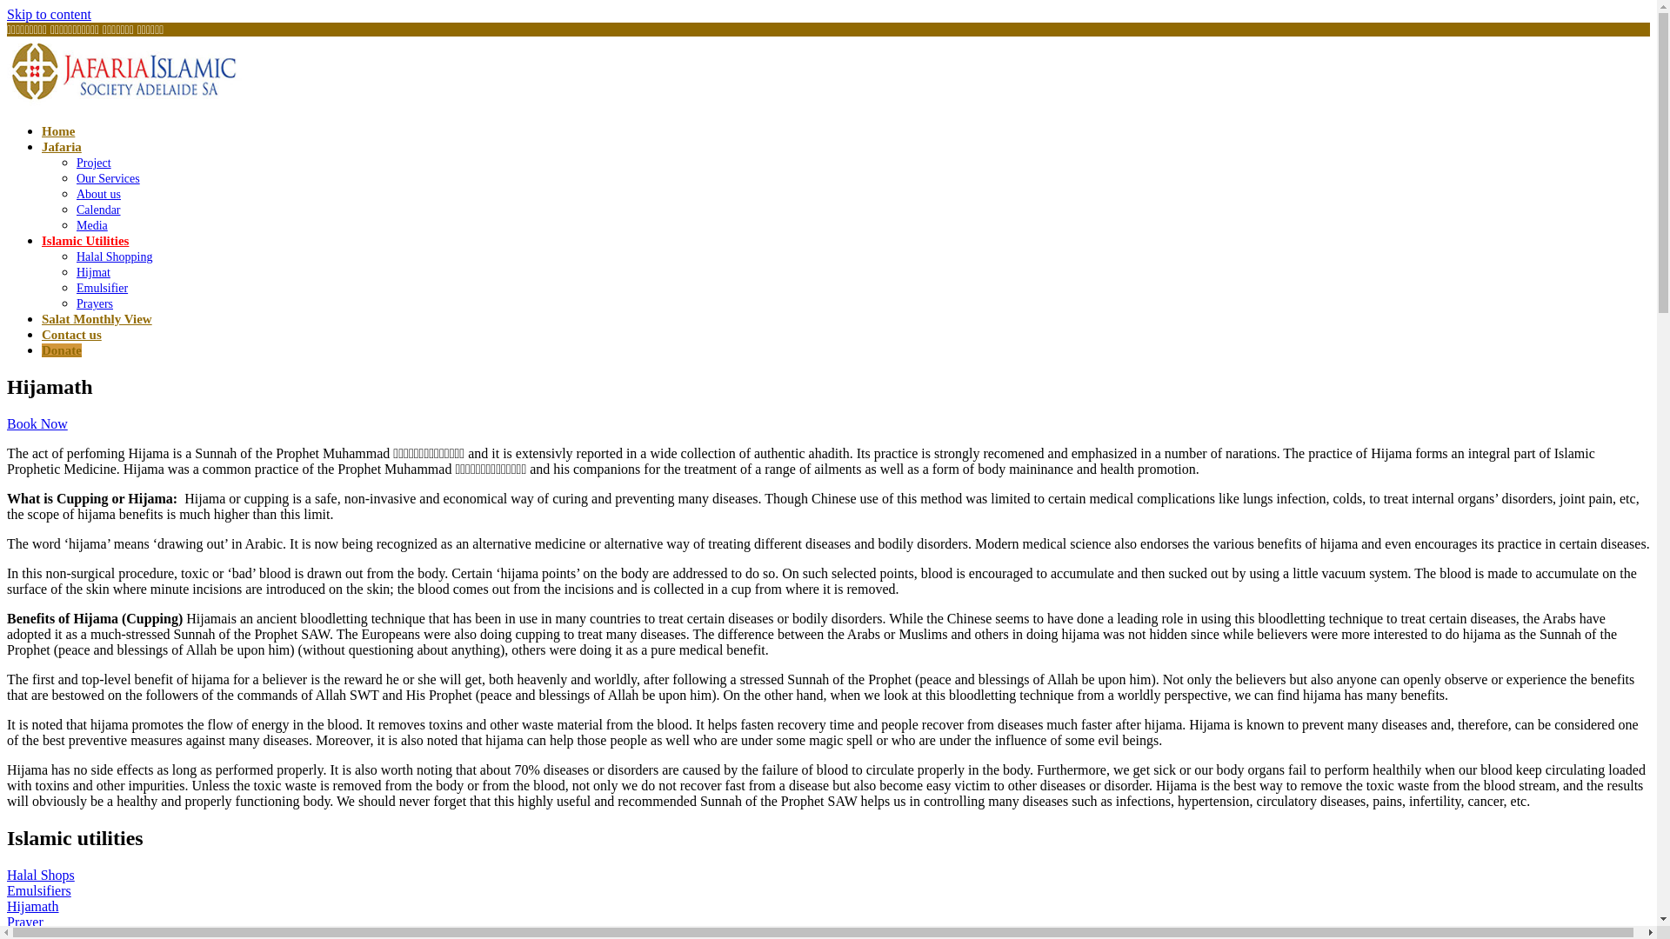 This screenshot has height=939, width=1670. I want to click on 'Contact us', so click(42, 335).